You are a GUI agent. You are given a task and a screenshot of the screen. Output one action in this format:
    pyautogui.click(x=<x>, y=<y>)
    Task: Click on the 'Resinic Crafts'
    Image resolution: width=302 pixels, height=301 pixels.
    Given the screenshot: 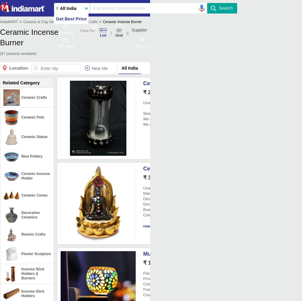 What is the action you would take?
    pyautogui.click(x=21, y=234)
    